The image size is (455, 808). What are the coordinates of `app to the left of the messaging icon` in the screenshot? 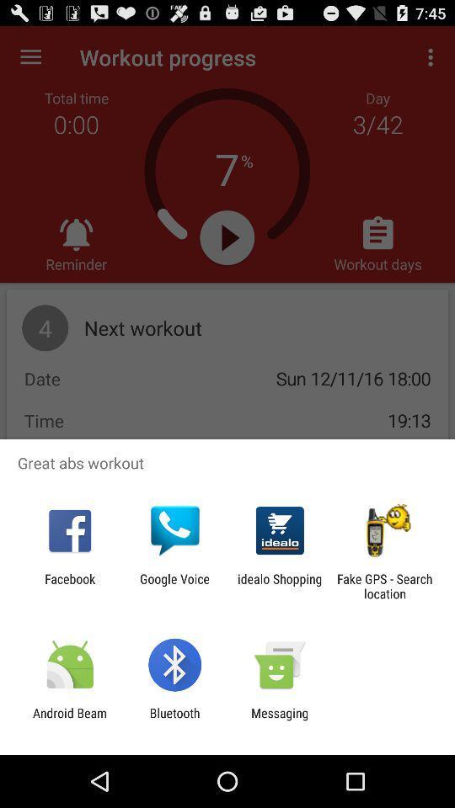 It's located at (174, 720).